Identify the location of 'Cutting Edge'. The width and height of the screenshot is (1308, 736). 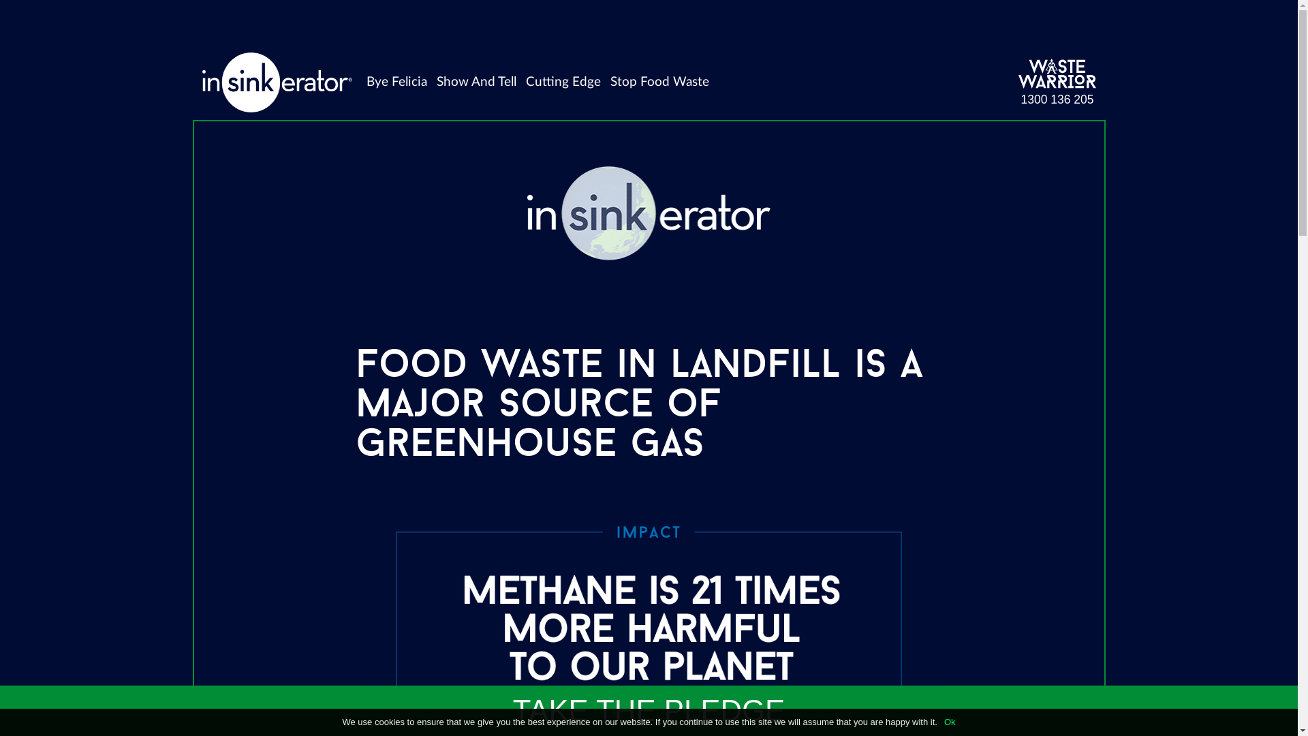
(563, 82).